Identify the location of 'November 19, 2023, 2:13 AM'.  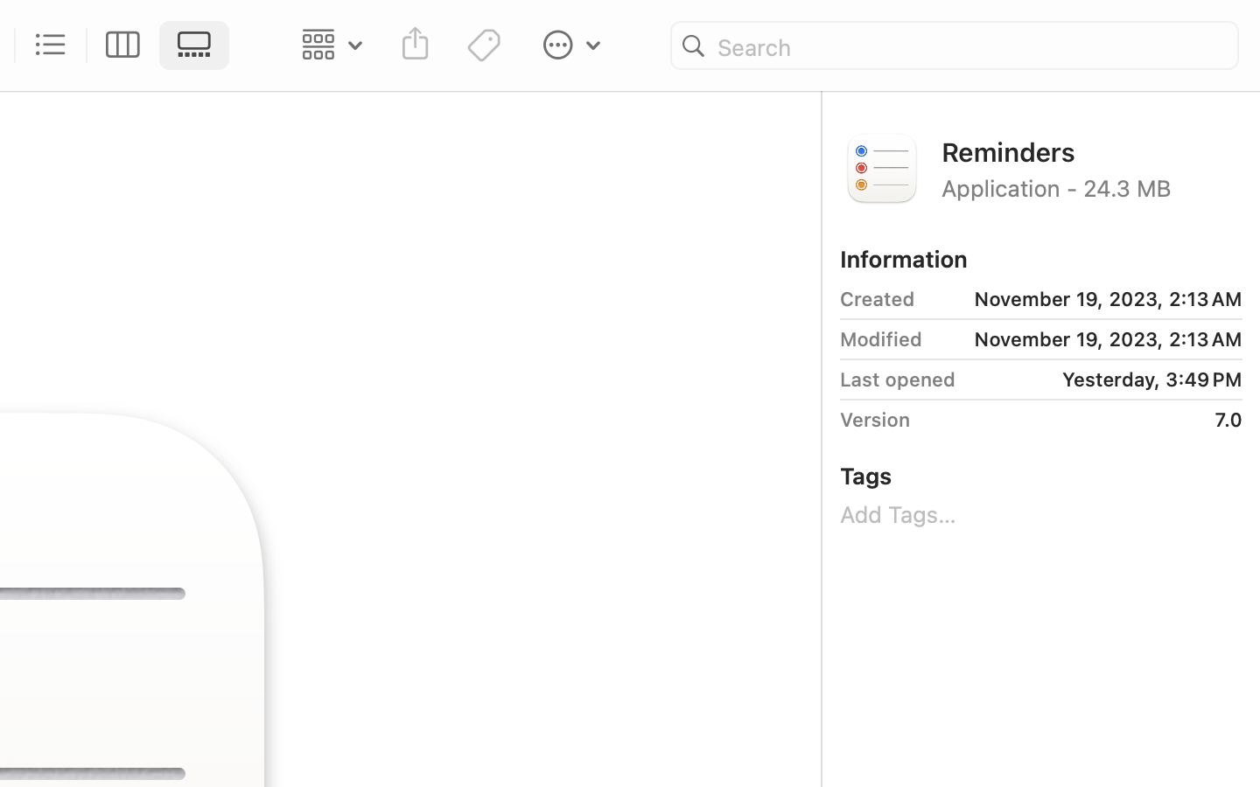
(1084, 299).